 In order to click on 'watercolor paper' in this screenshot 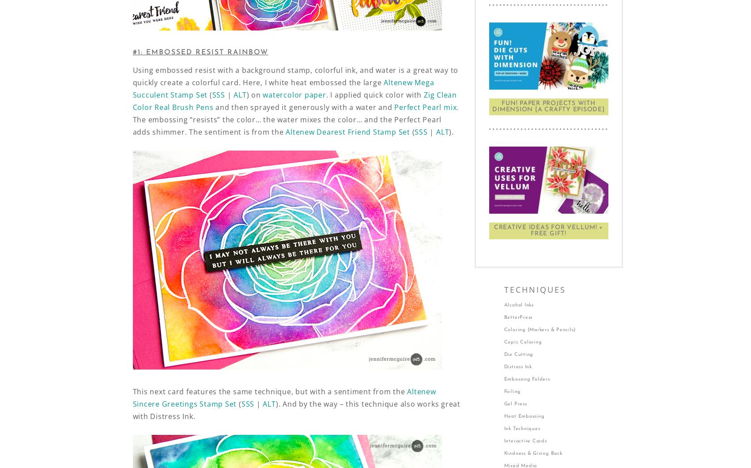, I will do `click(294, 94)`.